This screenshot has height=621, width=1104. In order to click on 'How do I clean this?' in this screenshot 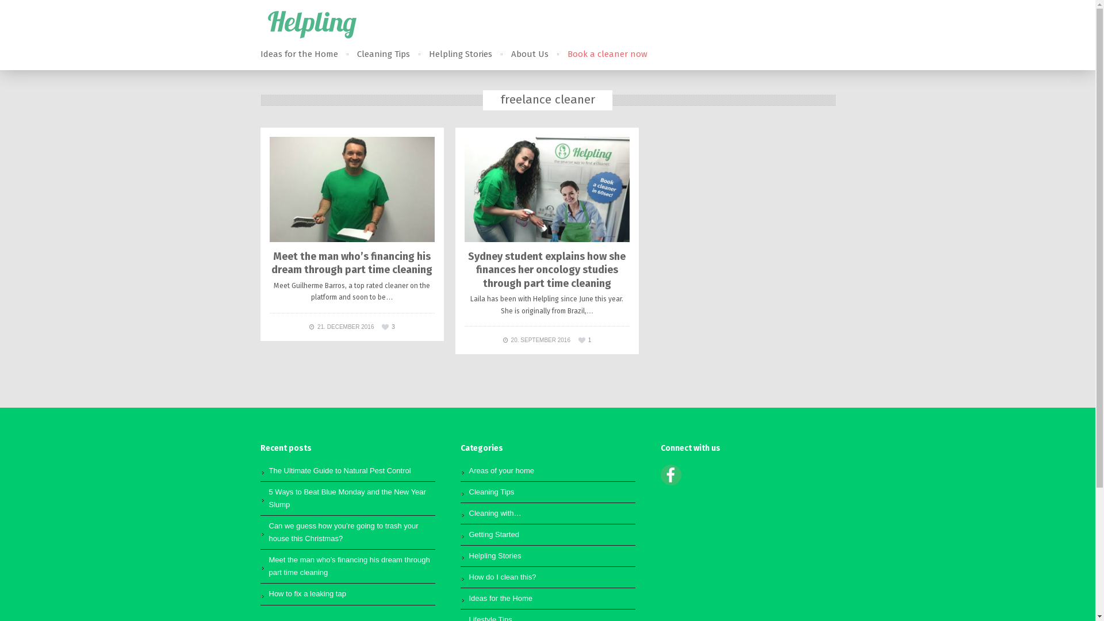, I will do `click(503, 577)`.